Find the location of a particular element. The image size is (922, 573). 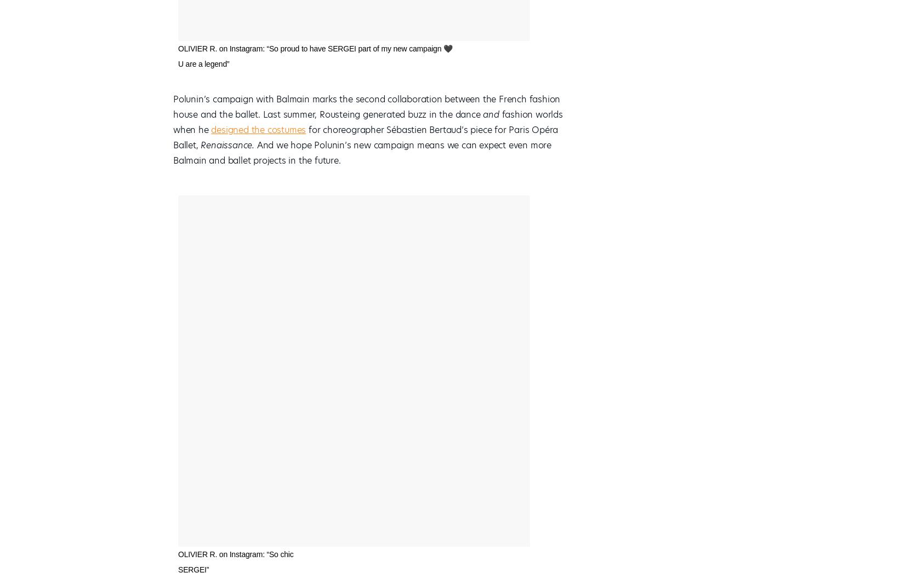

'Polunin’s campaign with Balmain marks the second collaboration between the French fashion house and the ballet. Last summer, Rousteing generated buzz in the dance' is located at coordinates (366, 106).